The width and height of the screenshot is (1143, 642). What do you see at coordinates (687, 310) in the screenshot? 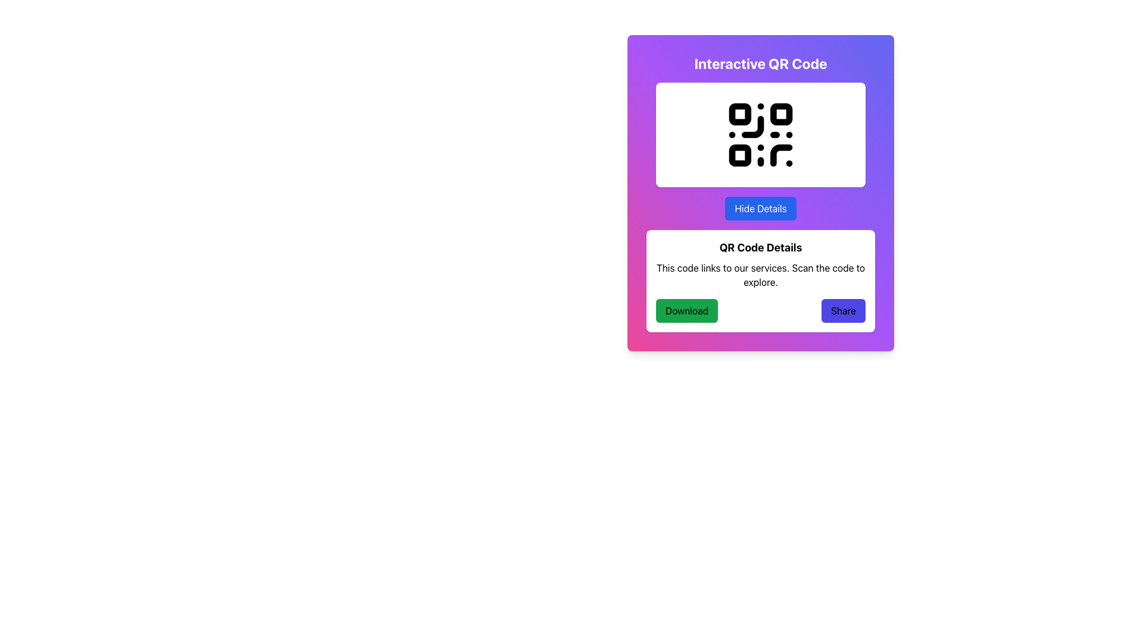
I see `the green 'Download' button located in the bottom left quadrant of the card interface to observe its color change effect` at bounding box center [687, 310].